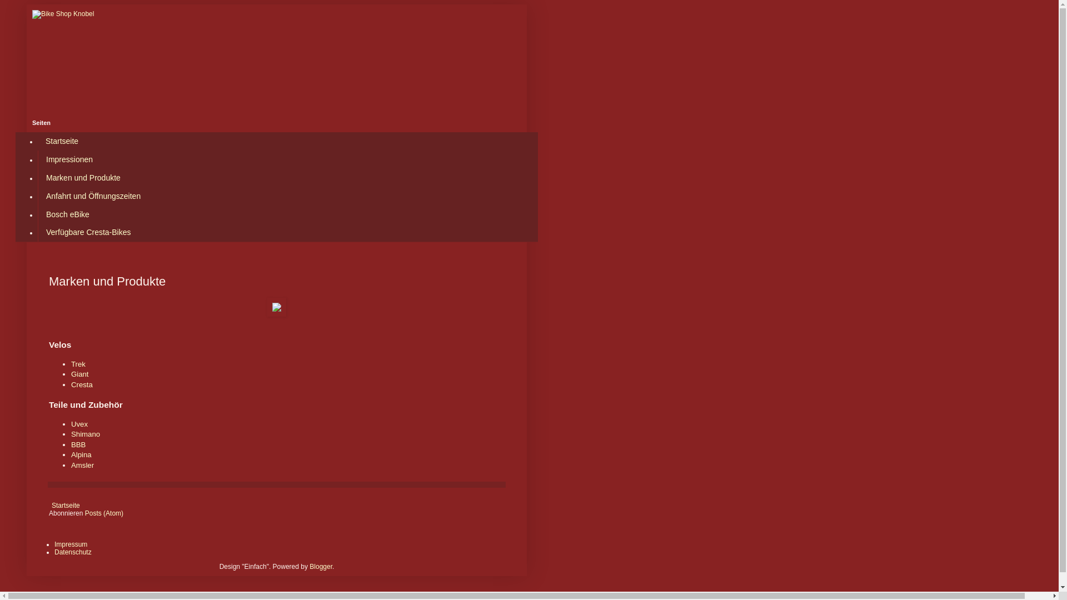  Describe the element at coordinates (77, 444) in the screenshot. I see `'BBB'` at that location.